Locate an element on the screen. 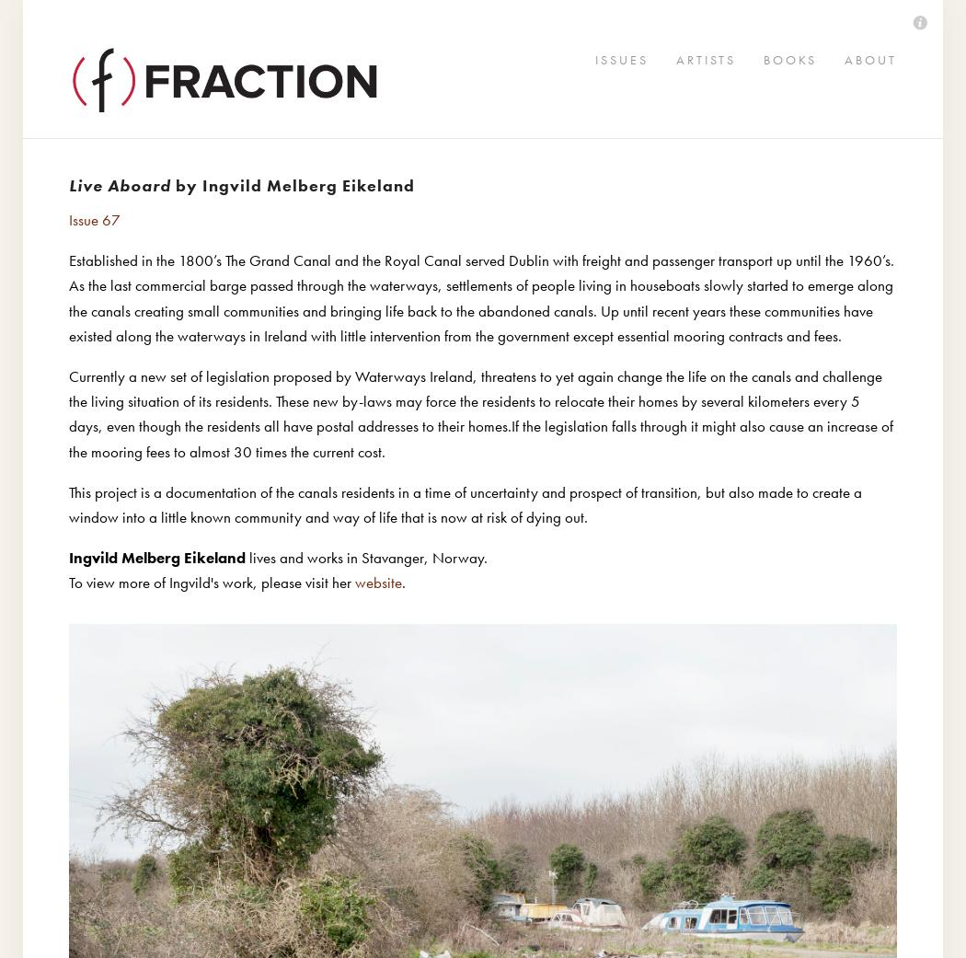 The width and height of the screenshot is (966, 958). 'Books' is located at coordinates (80, 120).